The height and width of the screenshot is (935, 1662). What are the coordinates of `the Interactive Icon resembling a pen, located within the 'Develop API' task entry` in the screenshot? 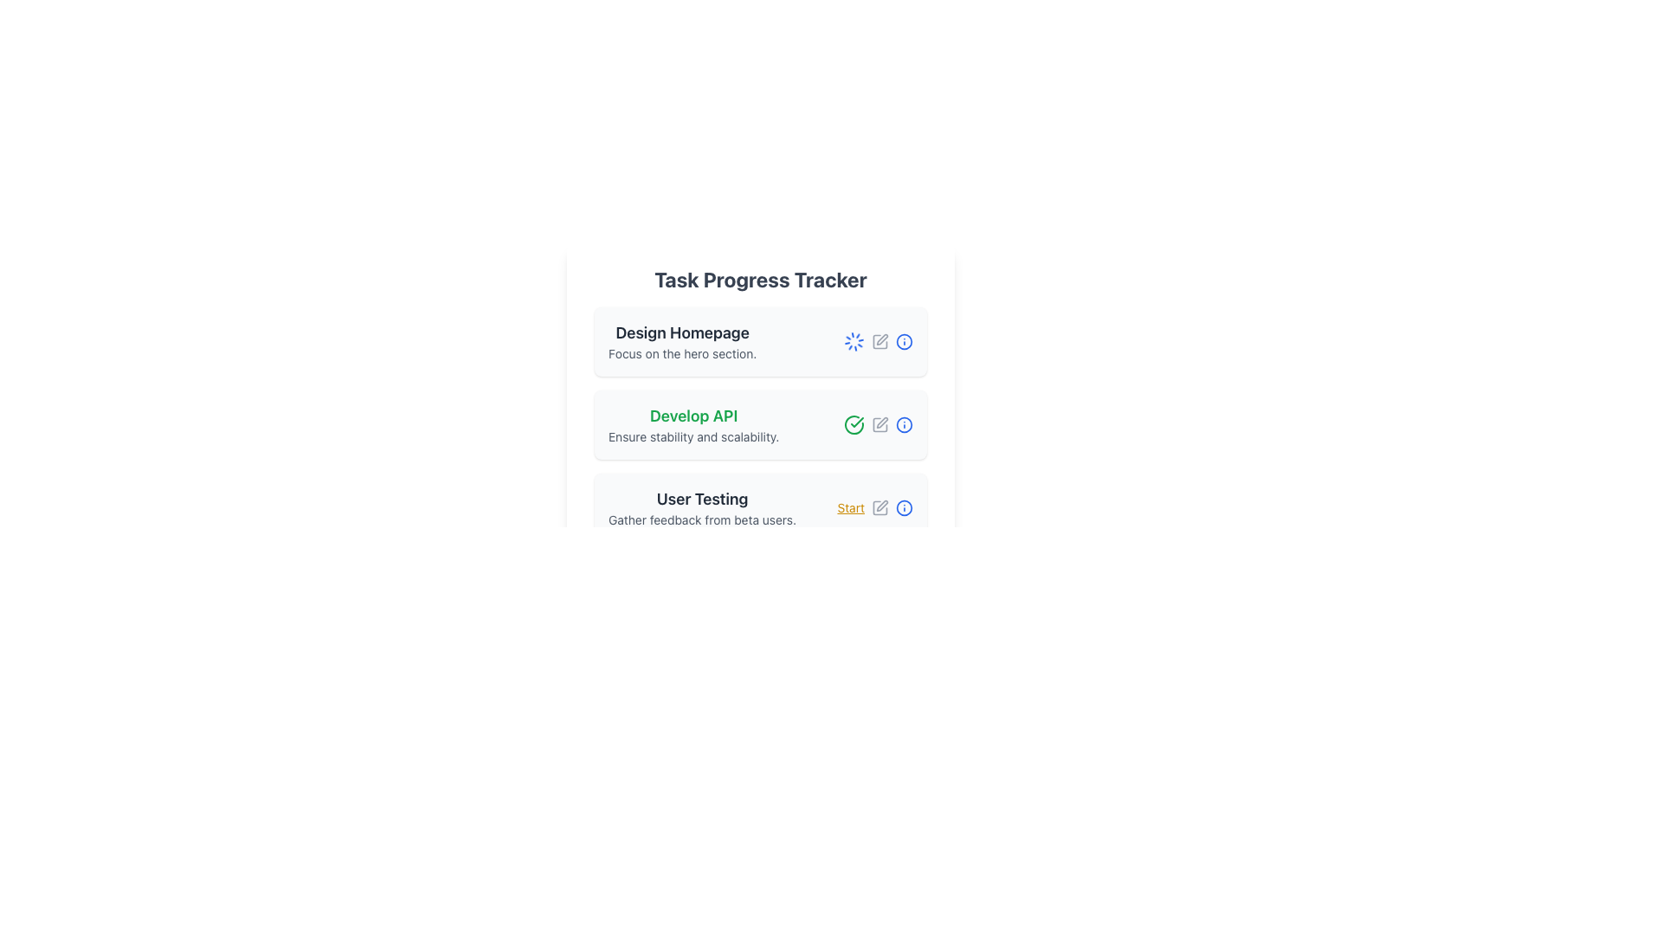 It's located at (882, 339).